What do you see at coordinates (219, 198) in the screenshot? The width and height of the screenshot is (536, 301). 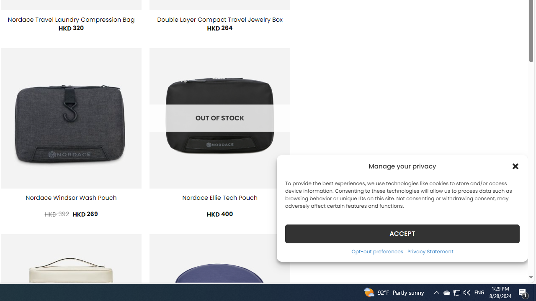 I see `'Nordace Ellie Tech Pouch'` at bounding box center [219, 198].